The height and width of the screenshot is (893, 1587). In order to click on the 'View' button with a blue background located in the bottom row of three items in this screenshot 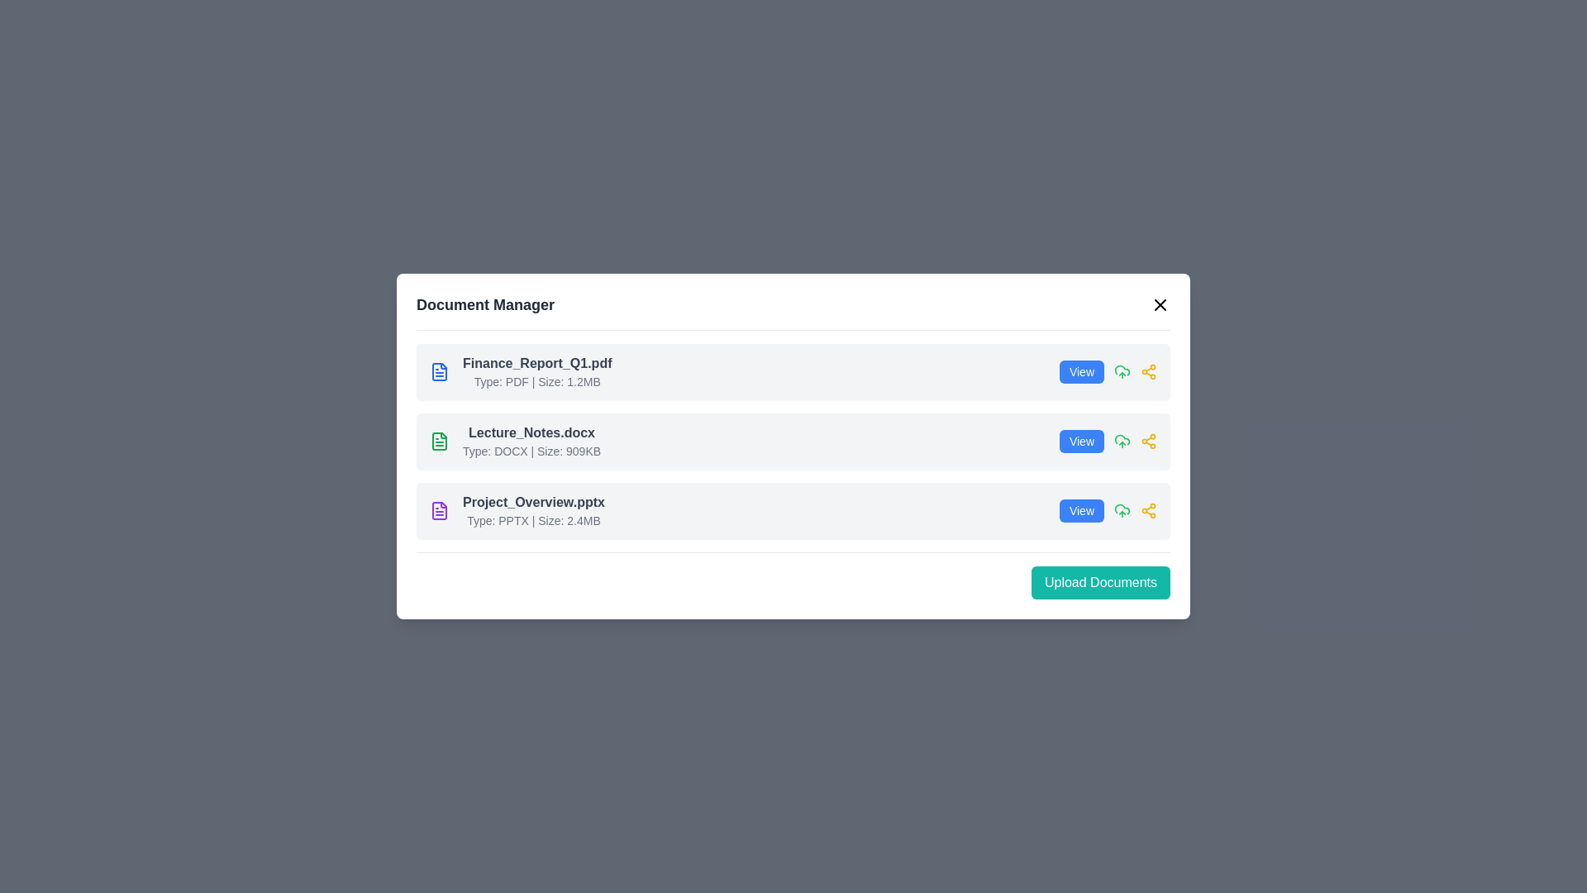, I will do `click(1108, 509)`.